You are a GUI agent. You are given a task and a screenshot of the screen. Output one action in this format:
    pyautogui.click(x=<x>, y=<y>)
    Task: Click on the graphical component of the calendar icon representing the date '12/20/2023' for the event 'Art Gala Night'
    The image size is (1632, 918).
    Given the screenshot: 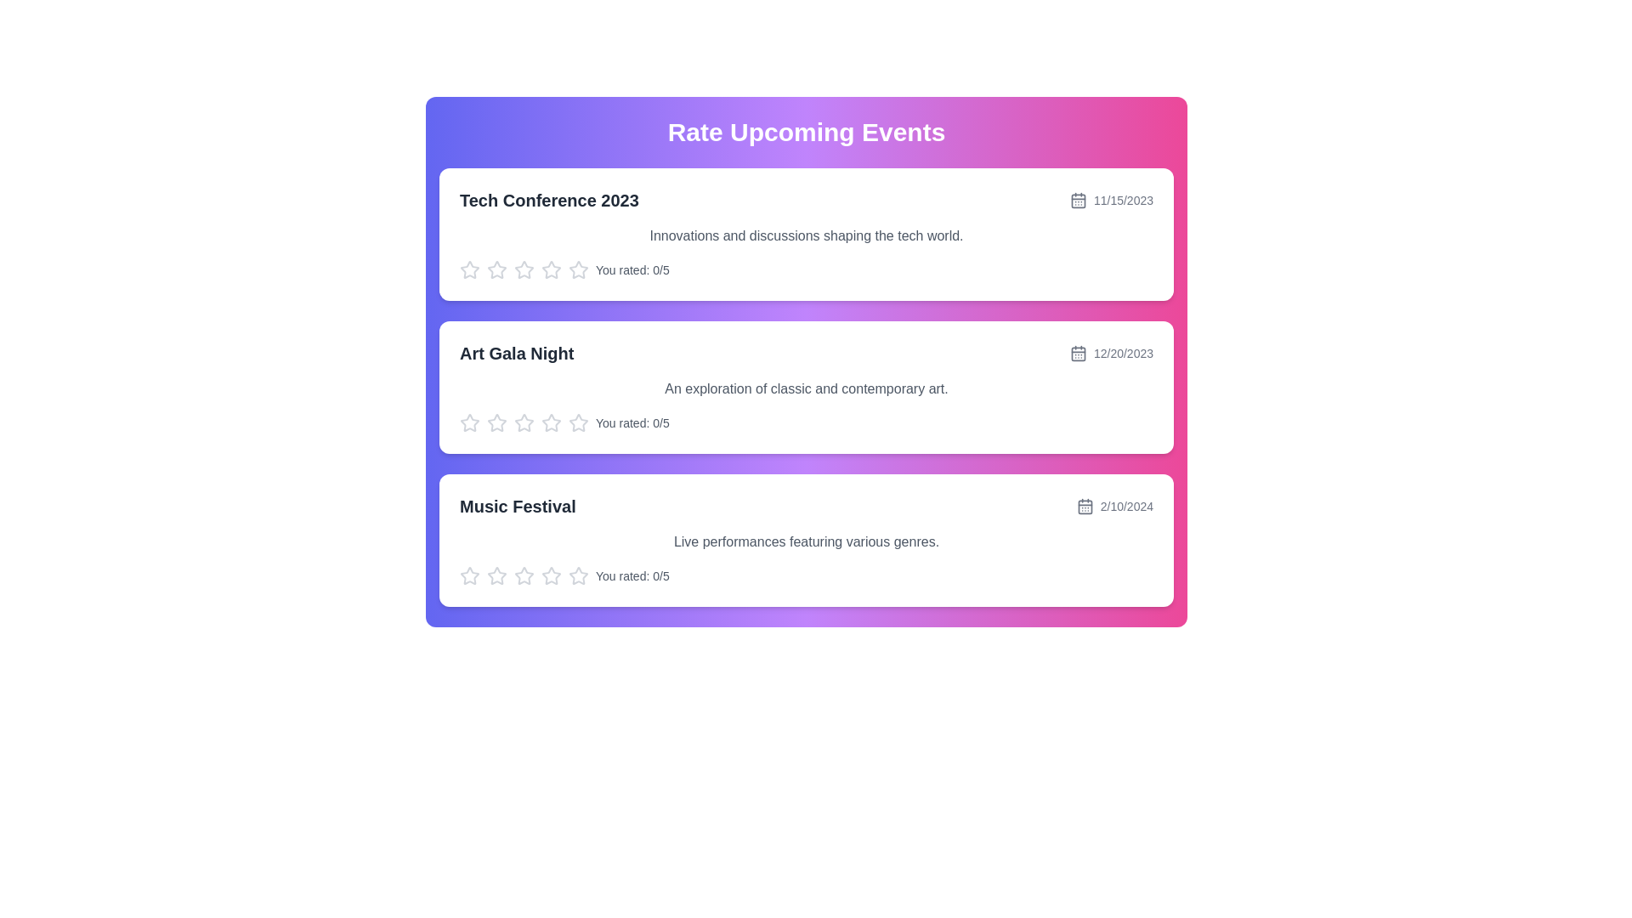 What is the action you would take?
    pyautogui.click(x=1077, y=353)
    